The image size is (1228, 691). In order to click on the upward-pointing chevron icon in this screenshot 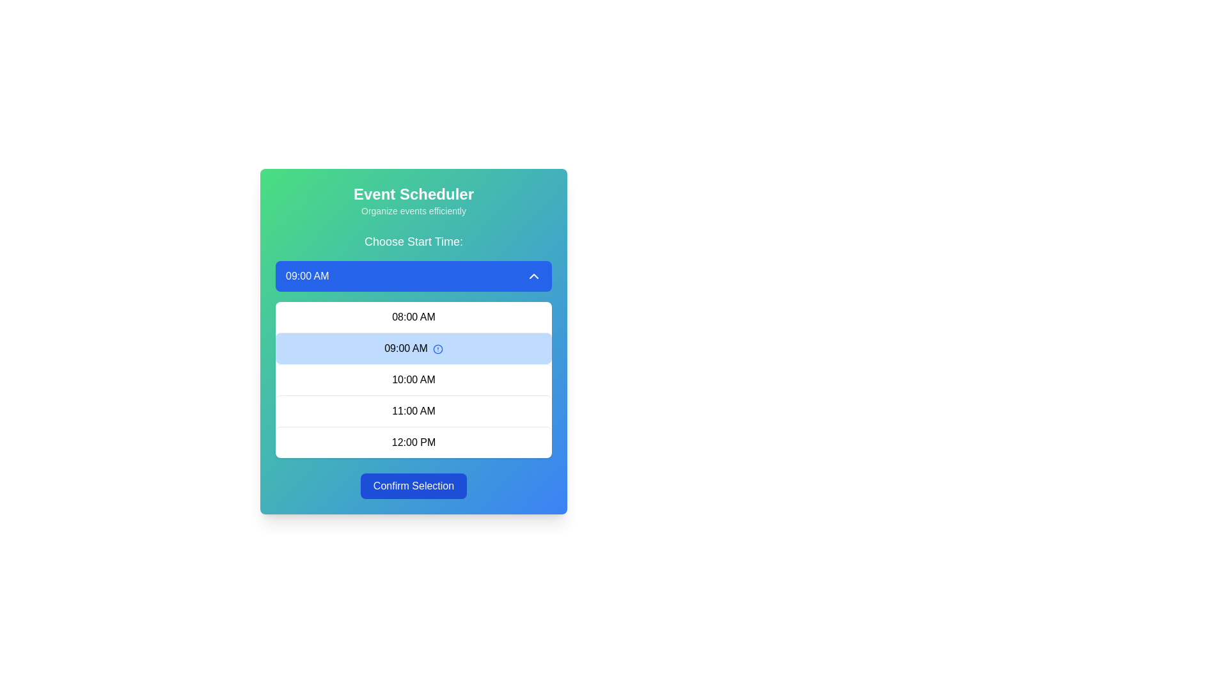, I will do `click(534, 276)`.